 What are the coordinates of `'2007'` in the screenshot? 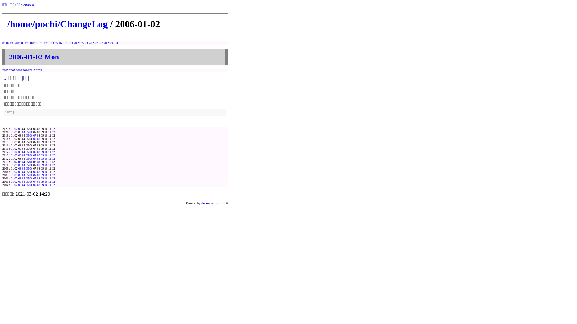 It's located at (12, 70).